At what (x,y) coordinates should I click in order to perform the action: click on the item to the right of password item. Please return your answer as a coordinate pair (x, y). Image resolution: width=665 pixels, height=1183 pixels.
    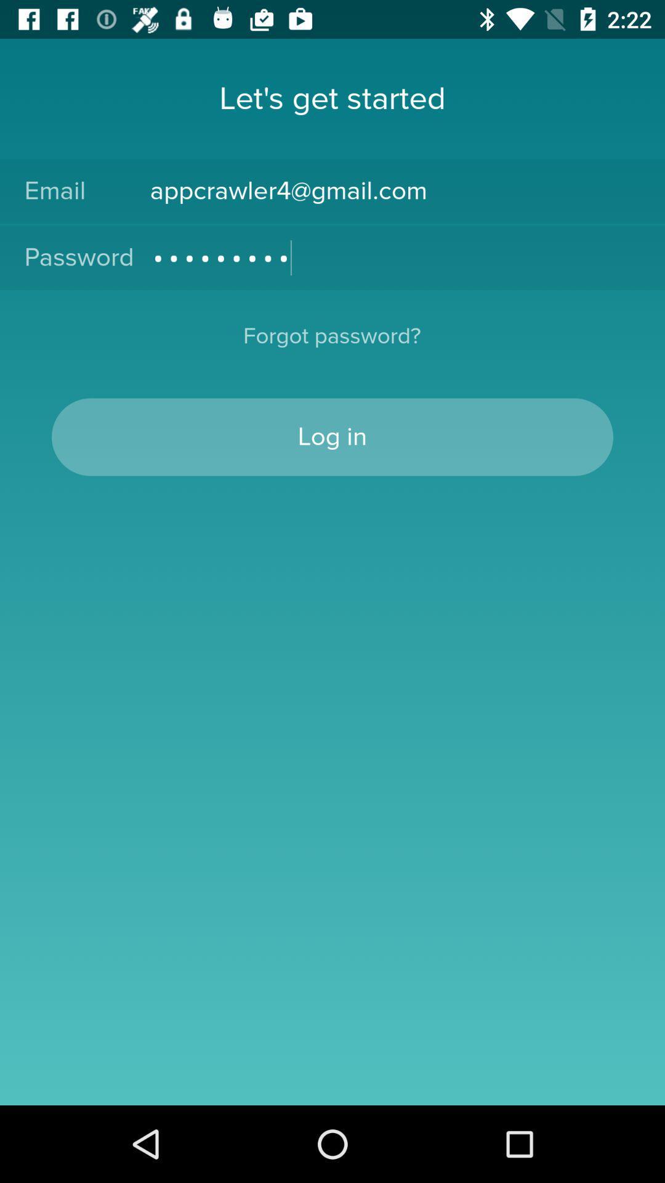
    Looking at the image, I should click on (395, 257).